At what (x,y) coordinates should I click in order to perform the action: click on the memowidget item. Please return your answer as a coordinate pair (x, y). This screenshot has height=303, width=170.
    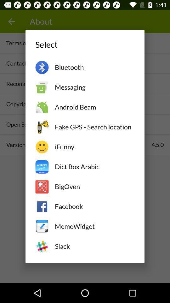
    Looking at the image, I should click on (94, 226).